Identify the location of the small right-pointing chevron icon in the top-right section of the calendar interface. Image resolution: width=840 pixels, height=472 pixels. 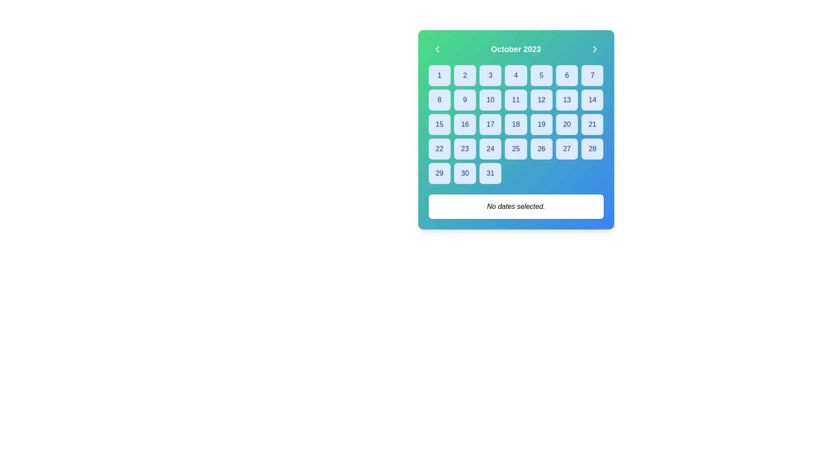
(595, 49).